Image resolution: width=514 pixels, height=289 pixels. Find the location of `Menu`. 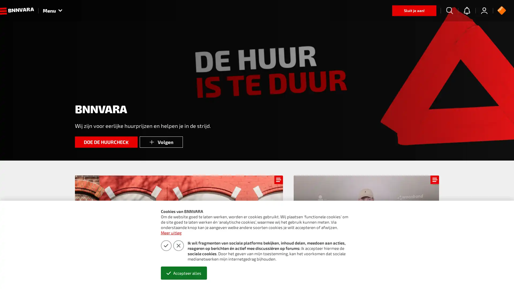

Menu is located at coordinates (52, 10).